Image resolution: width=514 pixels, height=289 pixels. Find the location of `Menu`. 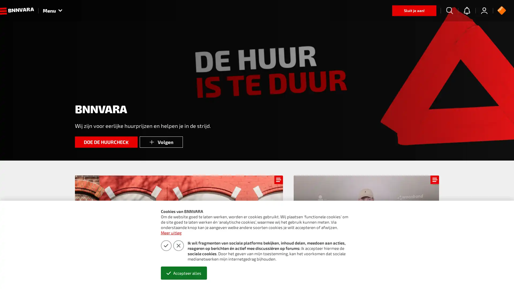

Menu is located at coordinates (52, 10).